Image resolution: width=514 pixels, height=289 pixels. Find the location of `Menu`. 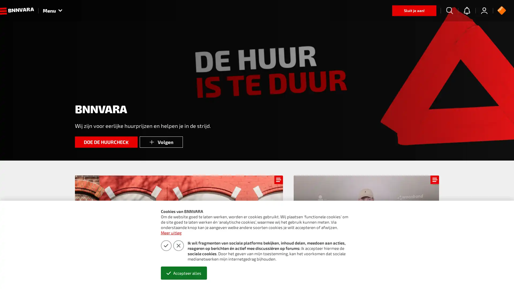

Menu is located at coordinates (52, 10).